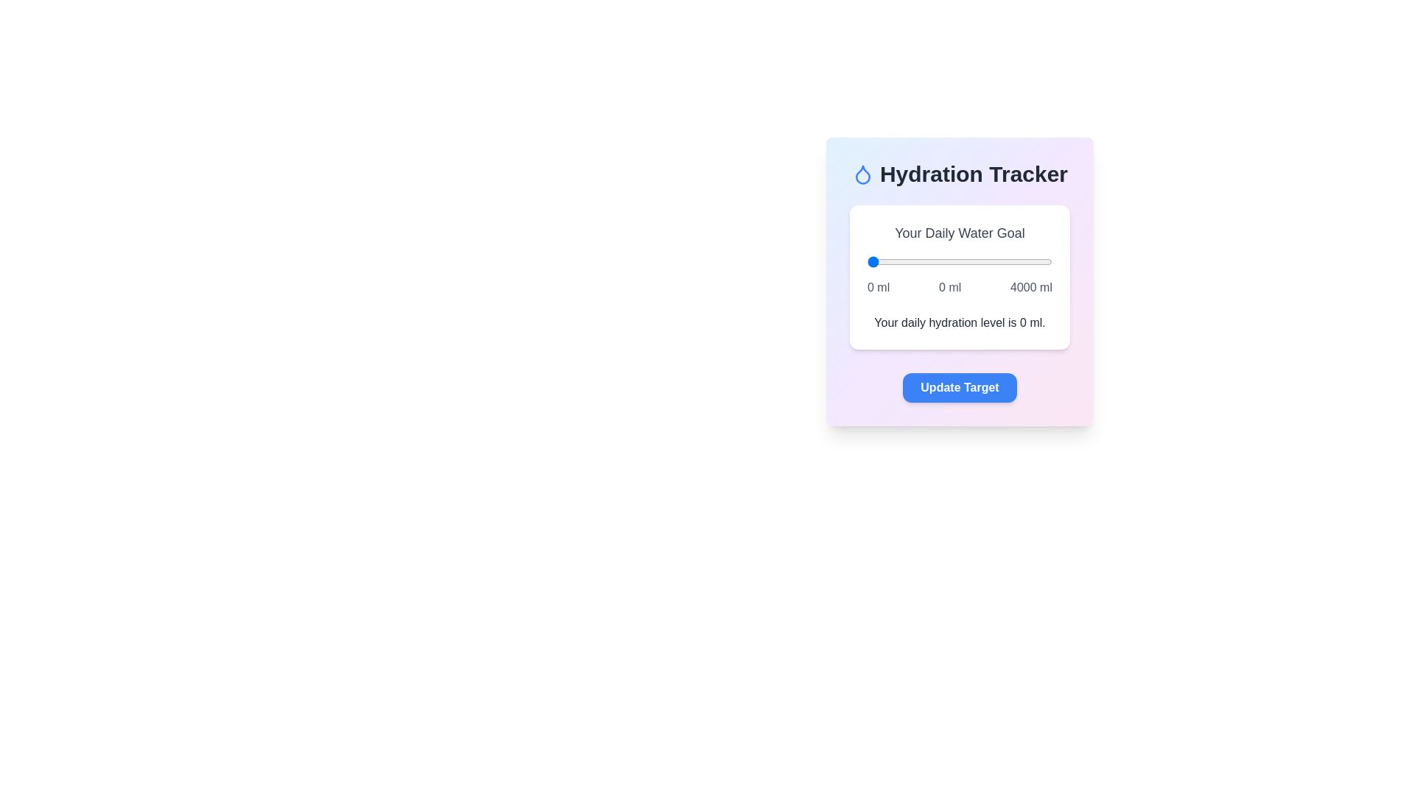 The width and height of the screenshot is (1414, 795). What do you see at coordinates (1016, 261) in the screenshot?
I see `the water intake slider to 3244 ml` at bounding box center [1016, 261].